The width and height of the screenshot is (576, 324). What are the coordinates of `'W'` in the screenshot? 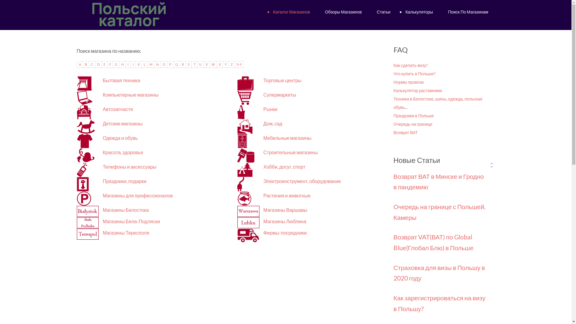 It's located at (213, 64).